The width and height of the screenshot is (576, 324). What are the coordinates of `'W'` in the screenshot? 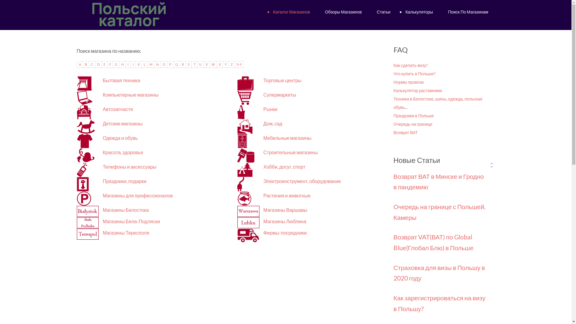 It's located at (213, 64).